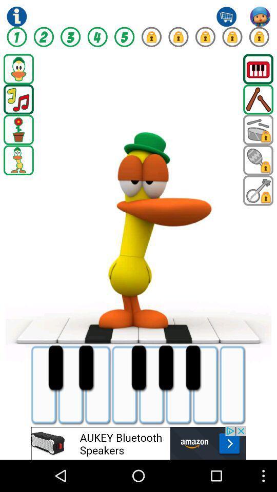 The width and height of the screenshot is (277, 492). Describe the element at coordinates (258, 68) in the screenshot. I see `games` at that location.